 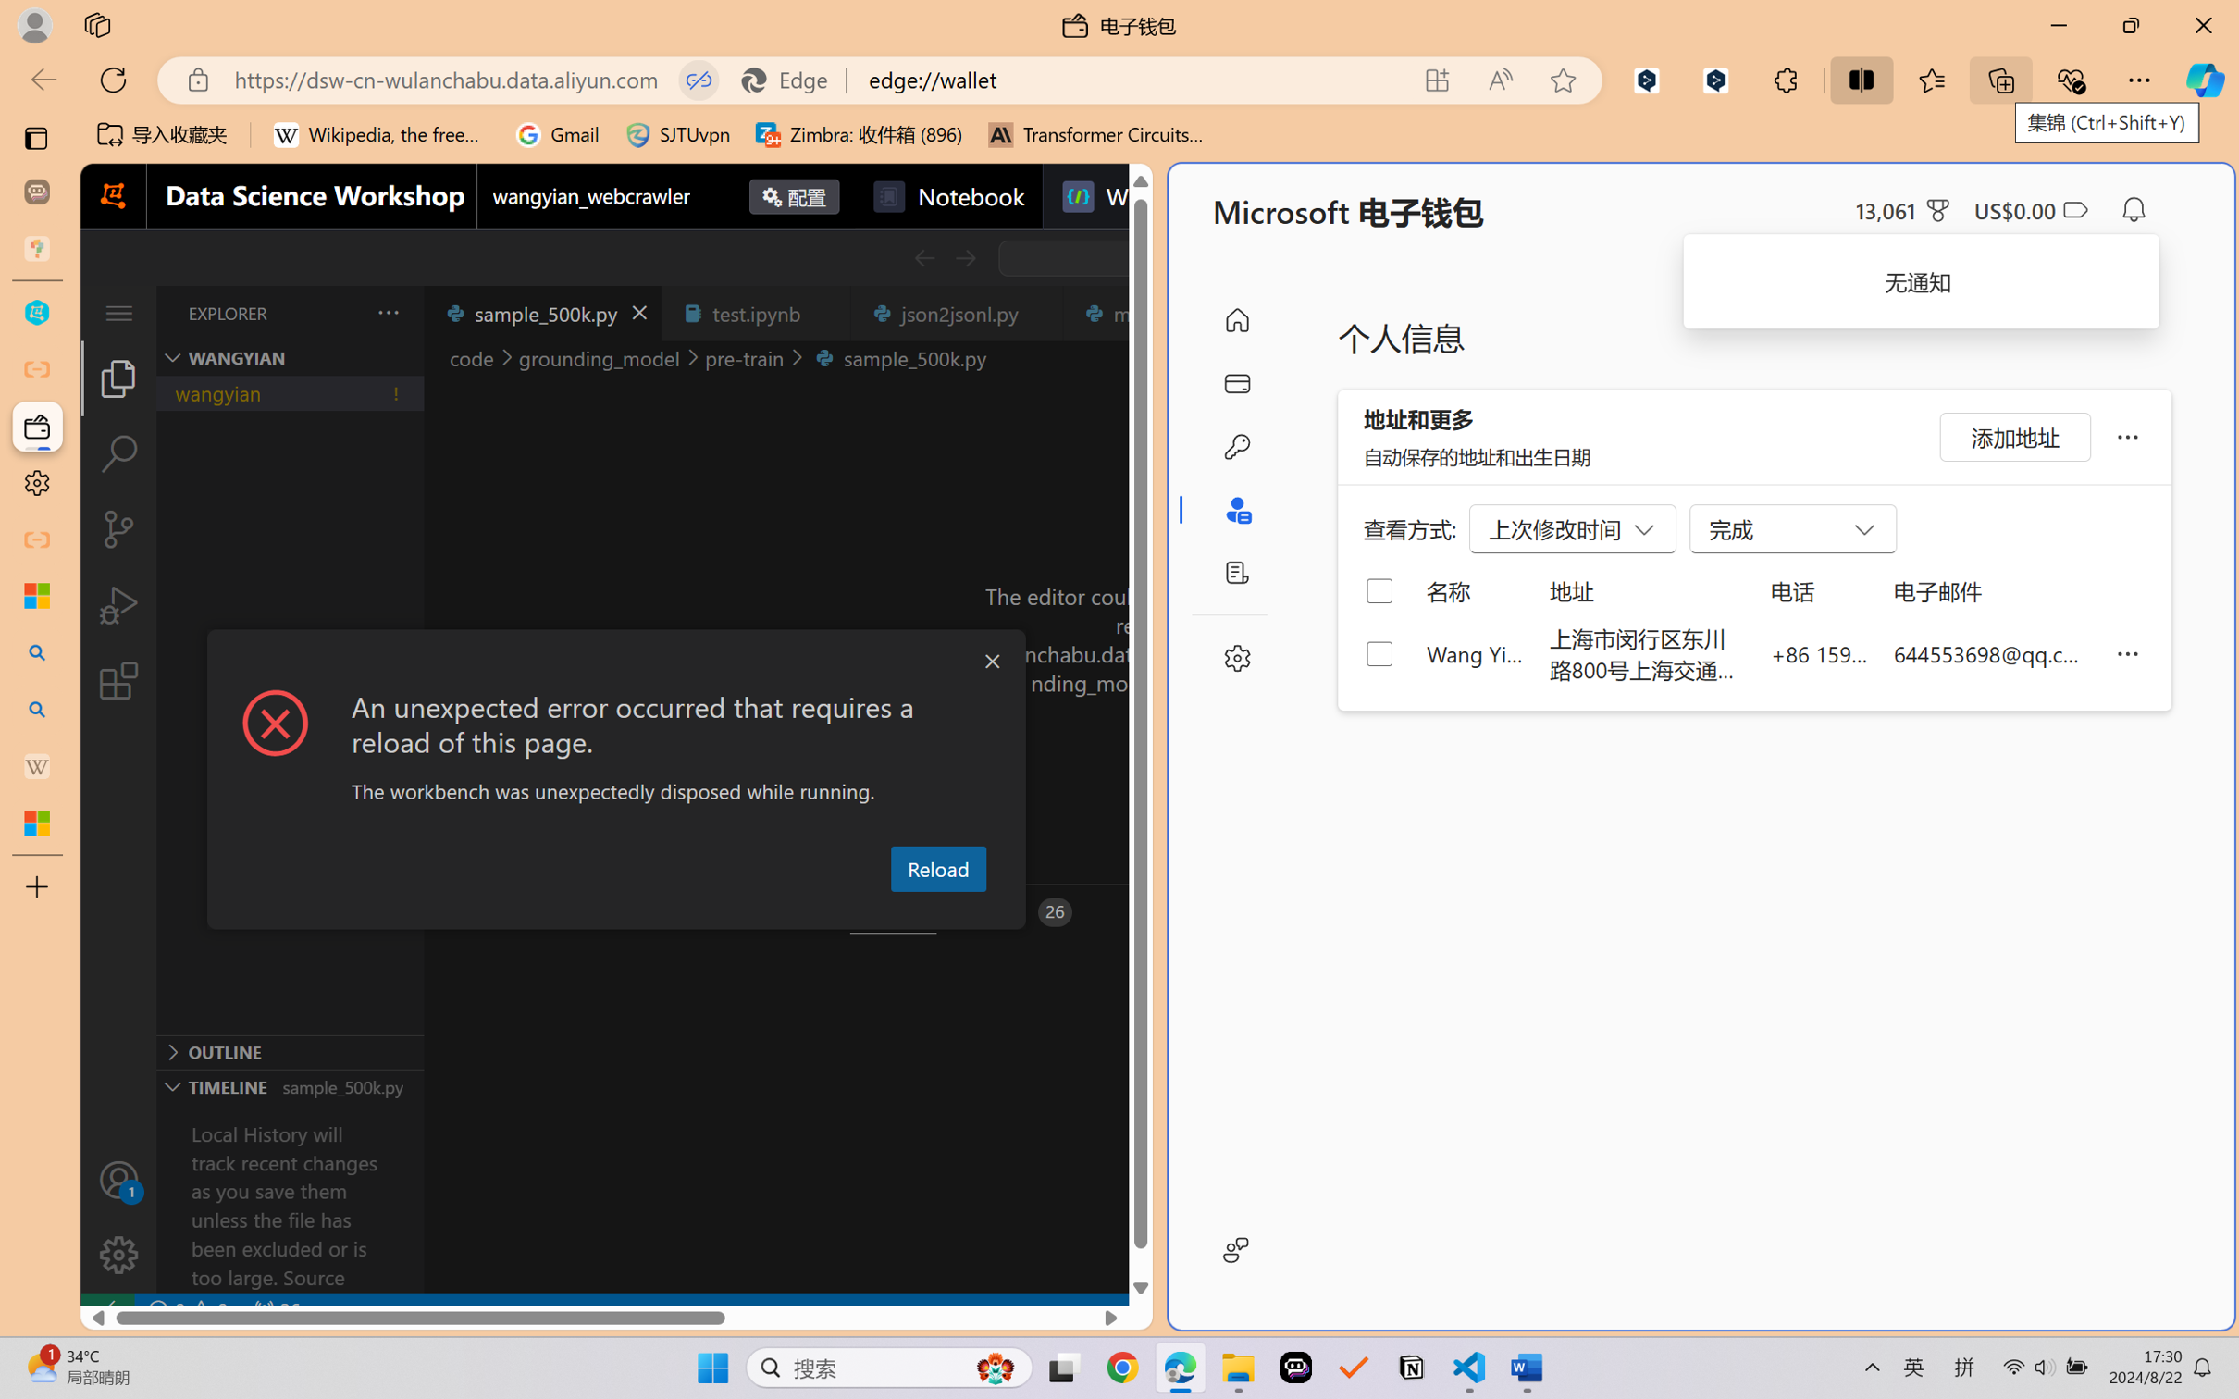 I want to click on 'Search (Ctrl+Shift+F)', so click(x=118, y=453).